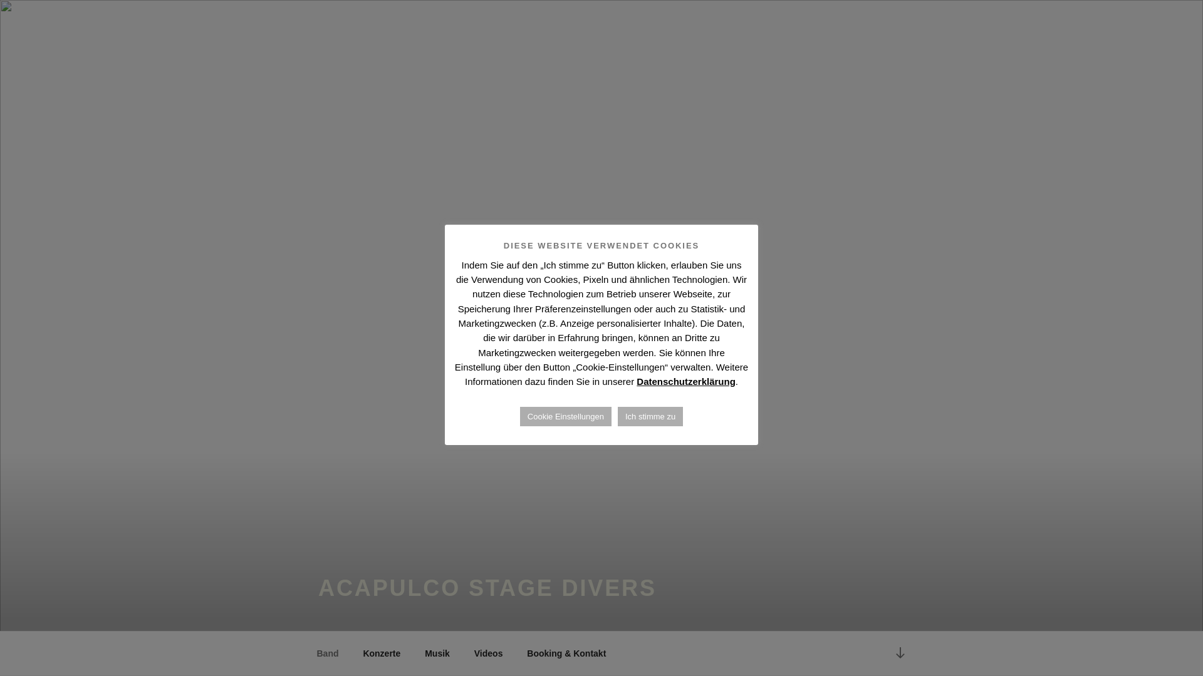  What do you see at coordinates (328, 653) in the screenshot?
I see `'Band'` at bounding box center [328, 653].